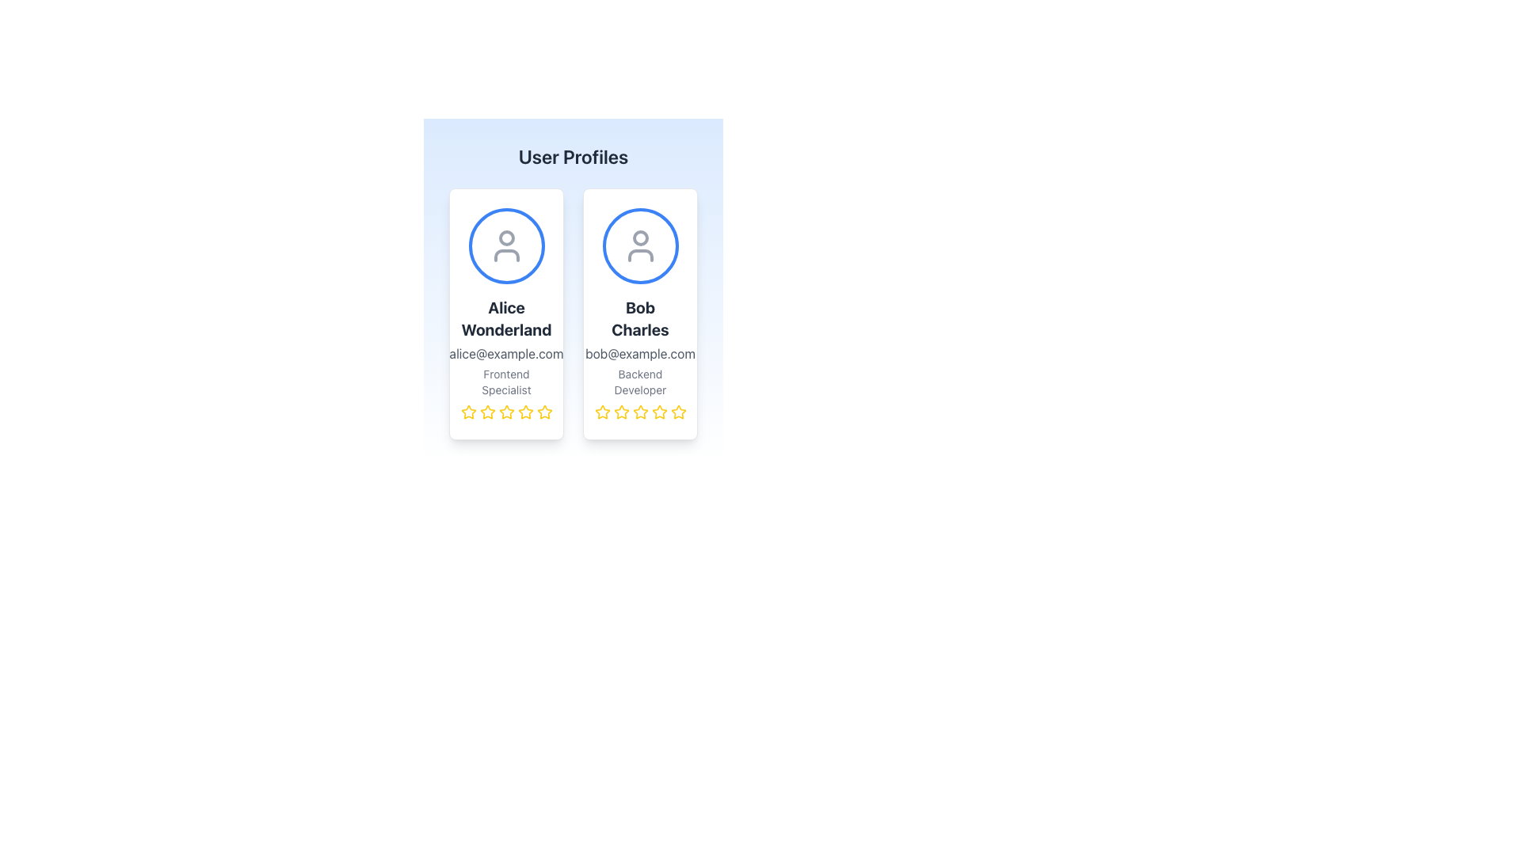  Describe the element at coordinates (601, 411) in the screenshot. I see `the leftmost star in the rating scale of the second card (Bob Charles) below the 'Backend Developer' description to potentially display a tooltip` at that location.